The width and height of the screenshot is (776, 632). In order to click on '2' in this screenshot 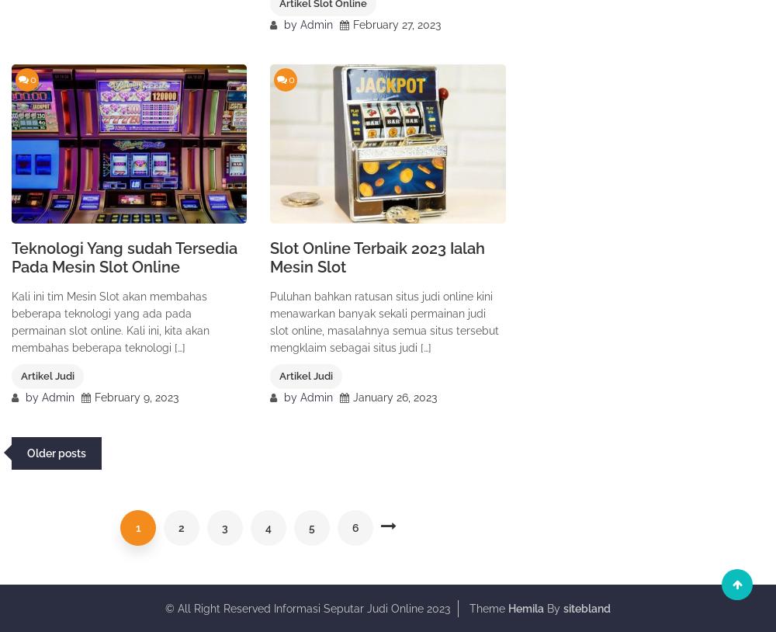, I will do `click(181, 528)`.